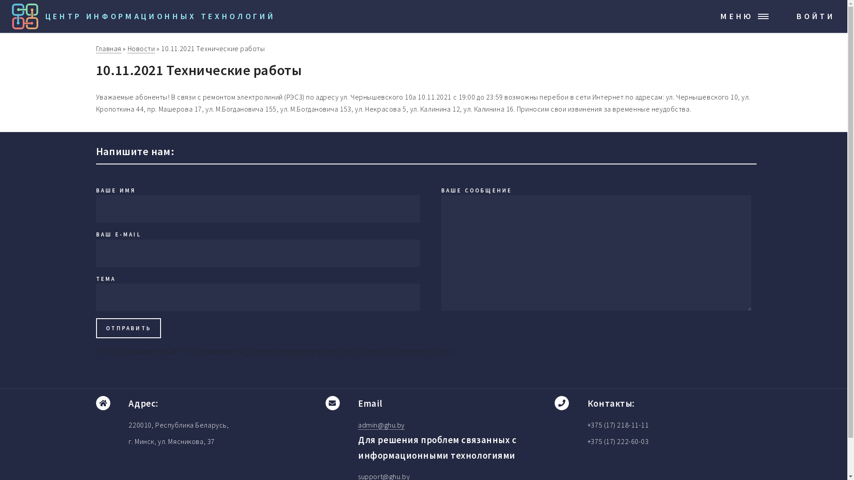  I want to click on 'admin@ghu.by', so click(381, 424).